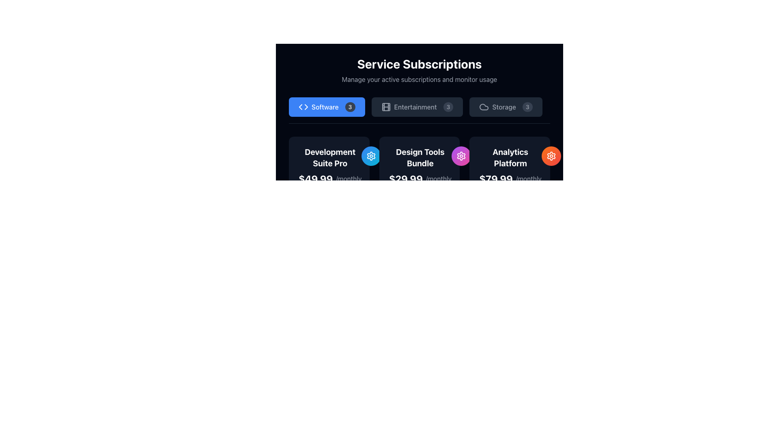 The height and width of the screenshot is (438, 779). I want to click on the subscription option card located in the first column of the 'Service Subscriptions' section, which displays its name, usage statistics, price, and management option, so click(329, 203).